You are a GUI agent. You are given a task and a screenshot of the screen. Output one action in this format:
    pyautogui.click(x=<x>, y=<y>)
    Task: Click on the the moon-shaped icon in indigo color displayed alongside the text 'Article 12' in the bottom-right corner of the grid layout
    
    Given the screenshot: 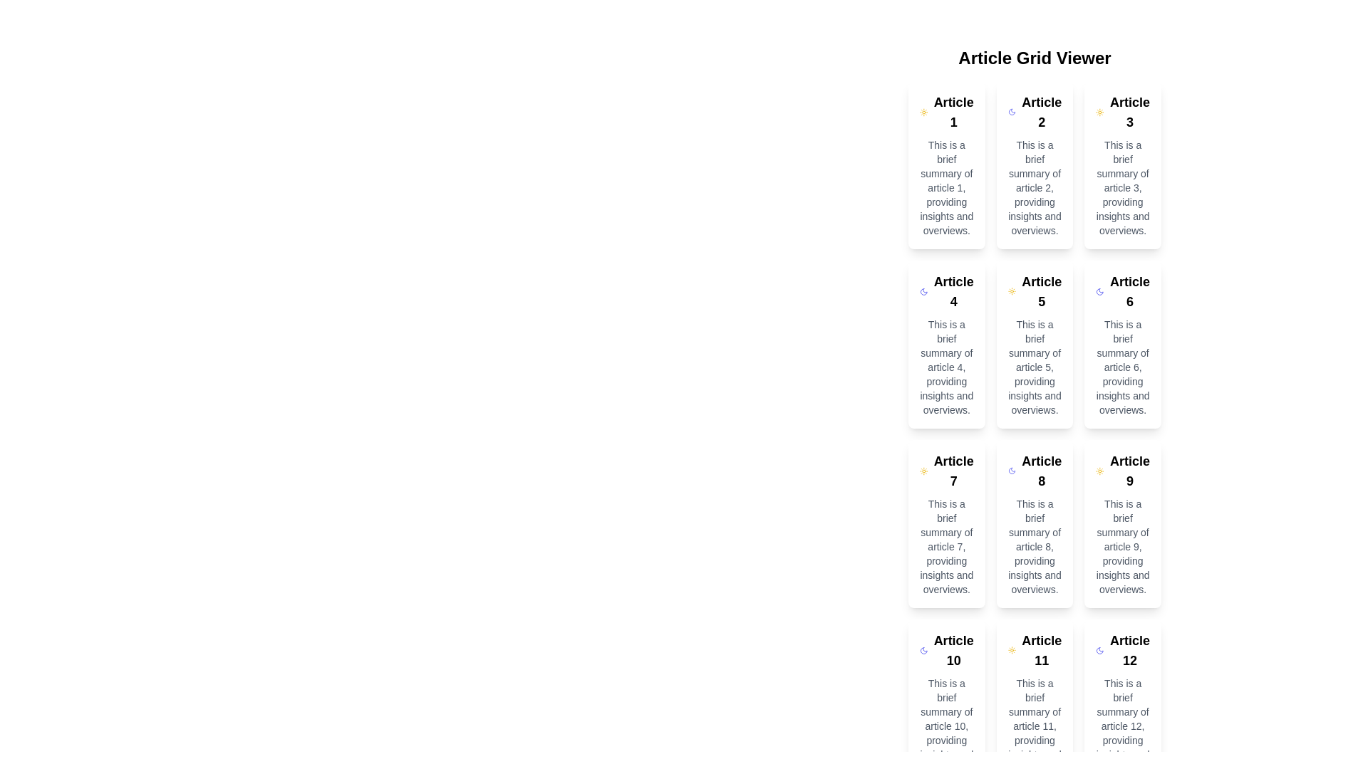 What is the action you would take?
    pyautogui.click(x=1099, y=651)
    